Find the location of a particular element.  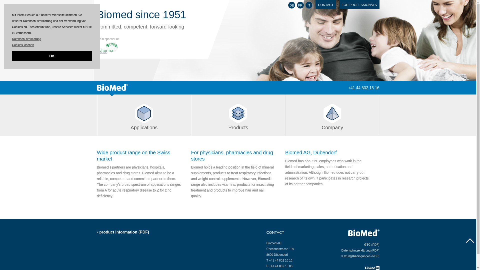

'Applications' is located at coordinates (144, 115).